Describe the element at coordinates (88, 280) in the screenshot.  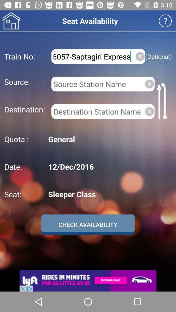
I see `advertisement link` at that location.